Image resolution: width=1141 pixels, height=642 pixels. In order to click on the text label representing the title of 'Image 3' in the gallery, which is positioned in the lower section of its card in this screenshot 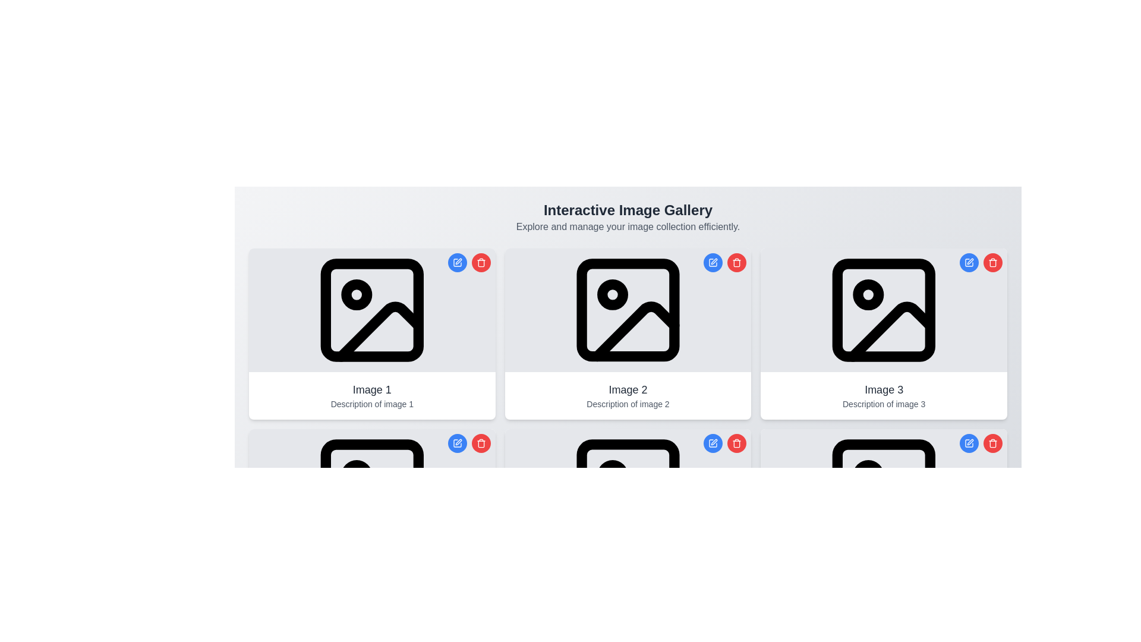, I will do `click(884, 389)`.